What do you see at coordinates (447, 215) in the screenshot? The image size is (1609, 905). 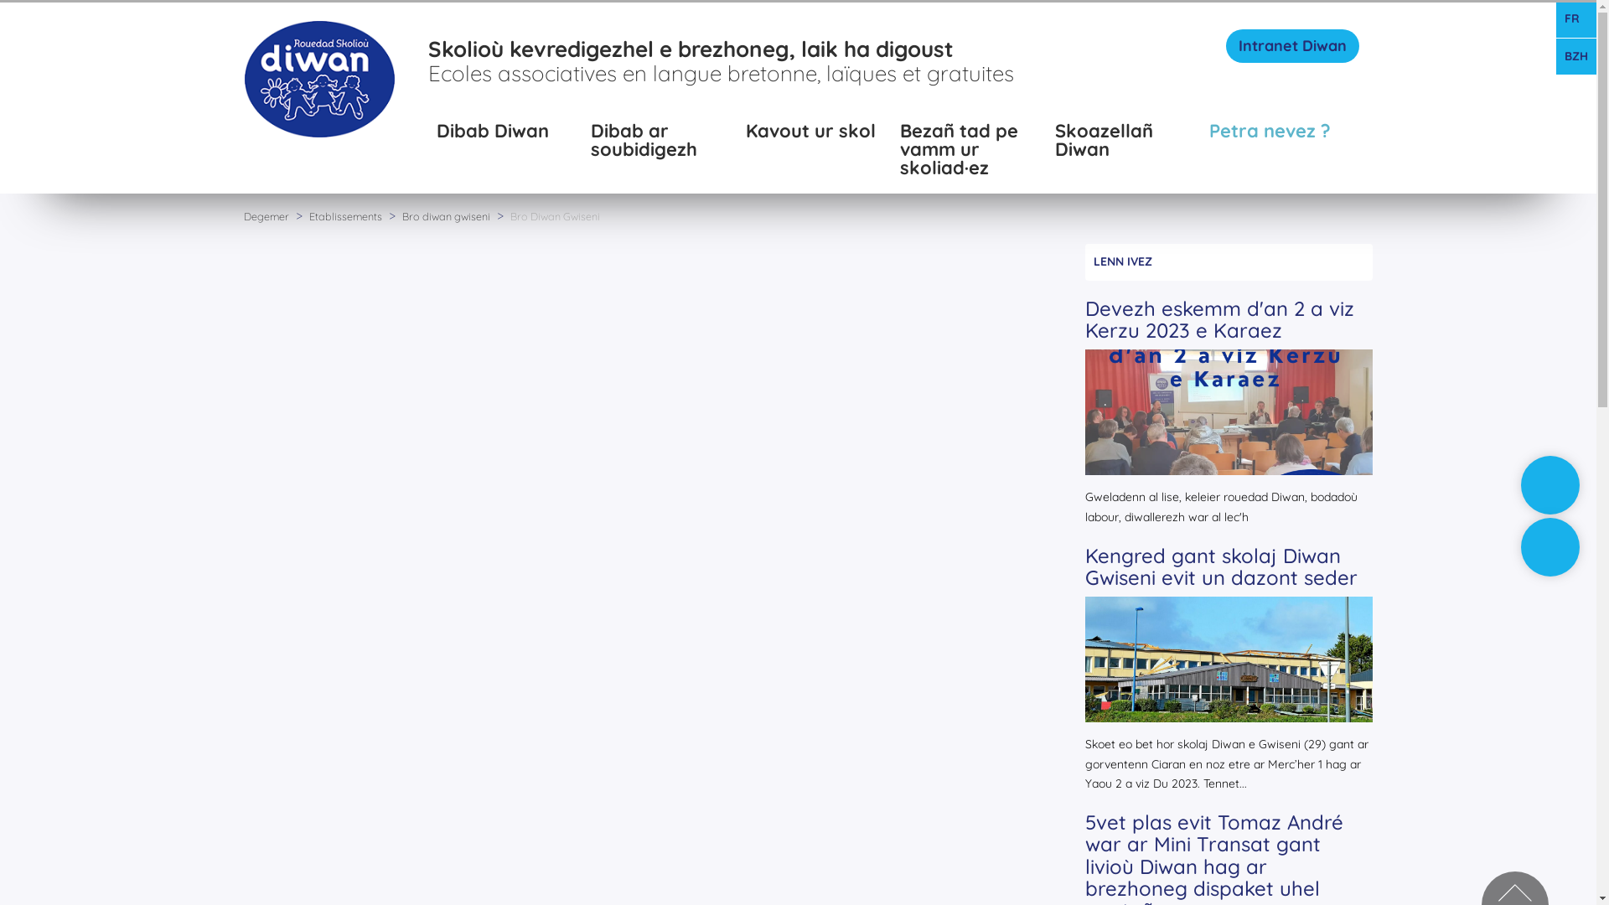 I see `'Bro diwan gwiseni'` at bounding box center [447, 215].